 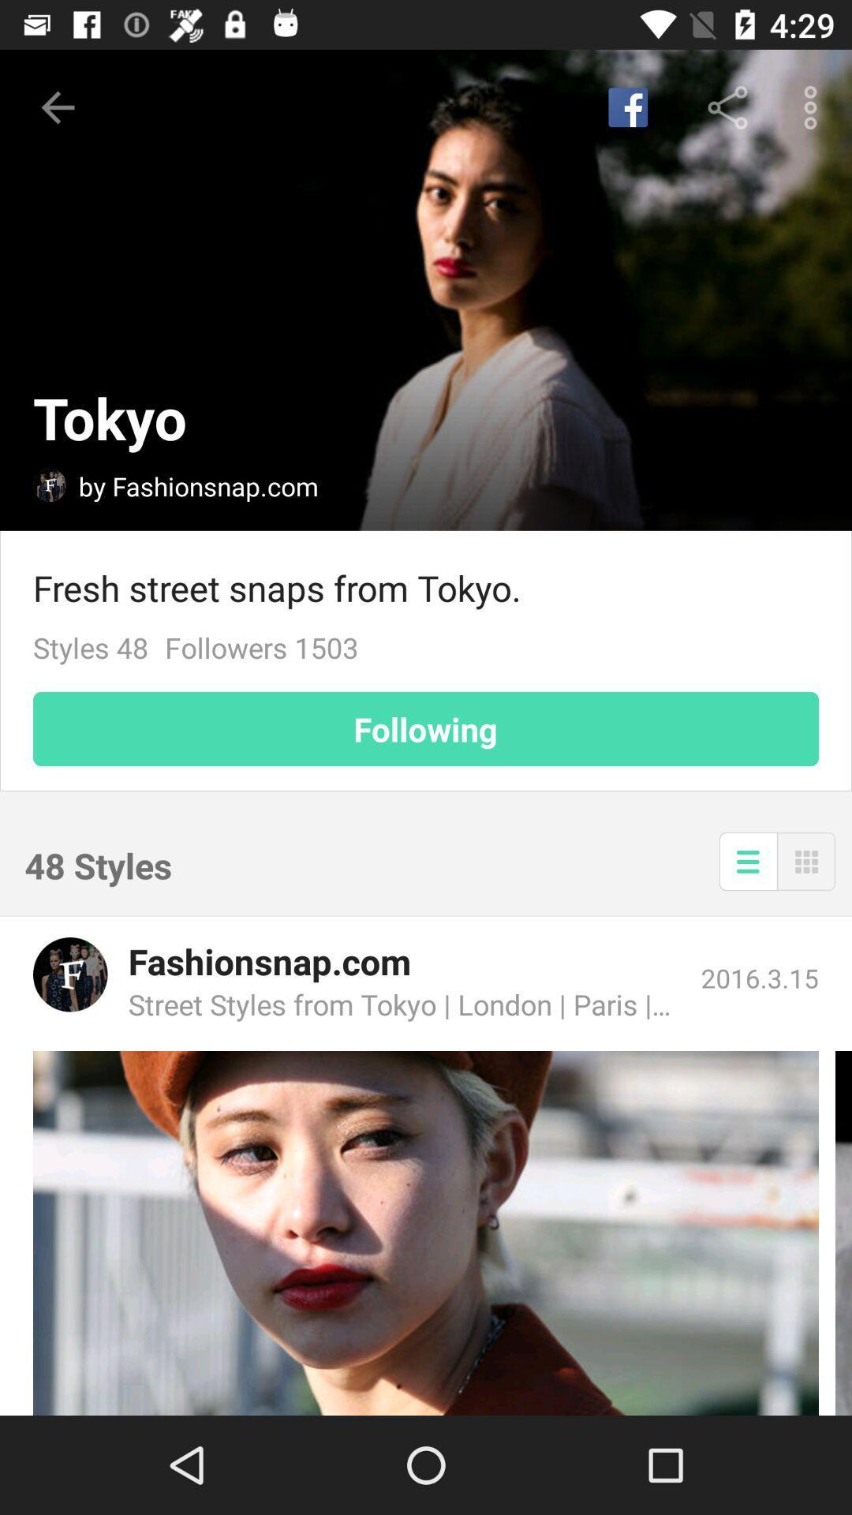 What do you see at coordinates (426, 728) in the screenshot?
I see `icon below styles 48 item` at bounding box center [426, 728].